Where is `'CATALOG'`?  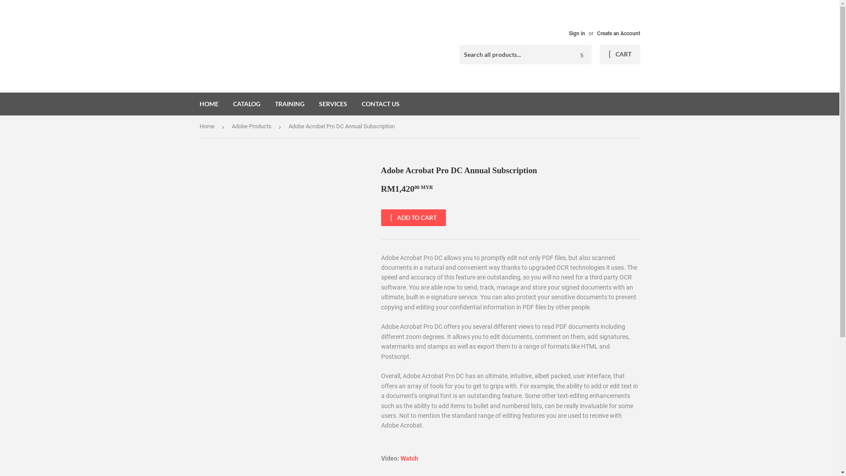 'CATALOG' is located at coordinates (247, 103).